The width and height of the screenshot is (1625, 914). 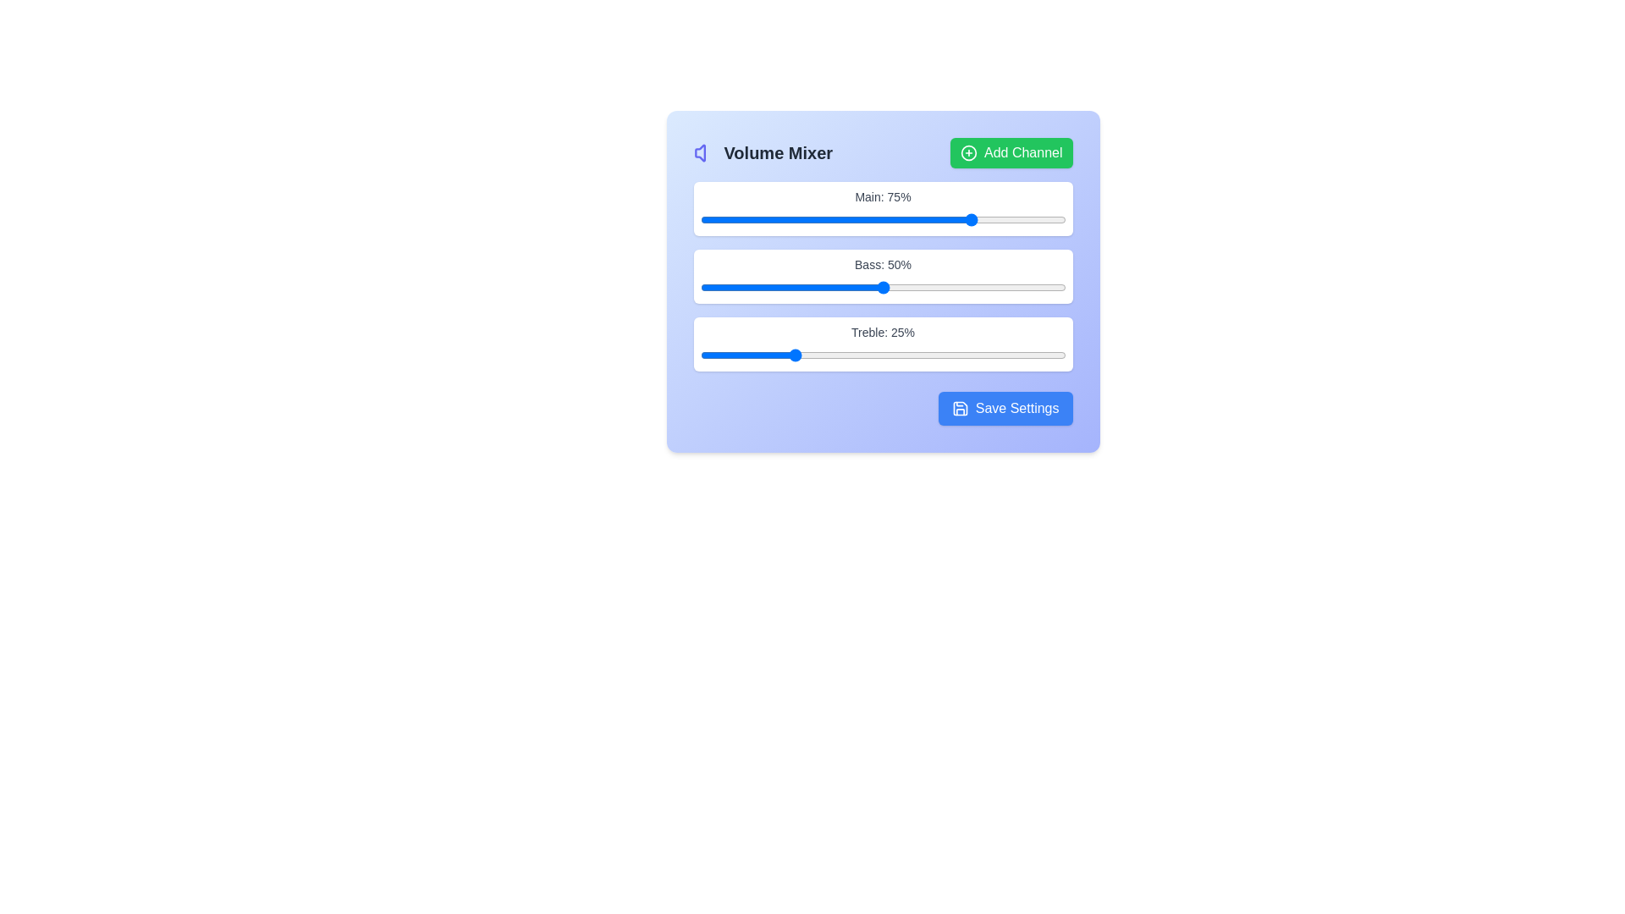 What do you see at coordinates (882, 207) in the screenshot?
I see `the Slider control labeled 'Main: 75%' which has a white background, rounded corners, and a blue slider indicating the value` at bounding box center [882, 207].